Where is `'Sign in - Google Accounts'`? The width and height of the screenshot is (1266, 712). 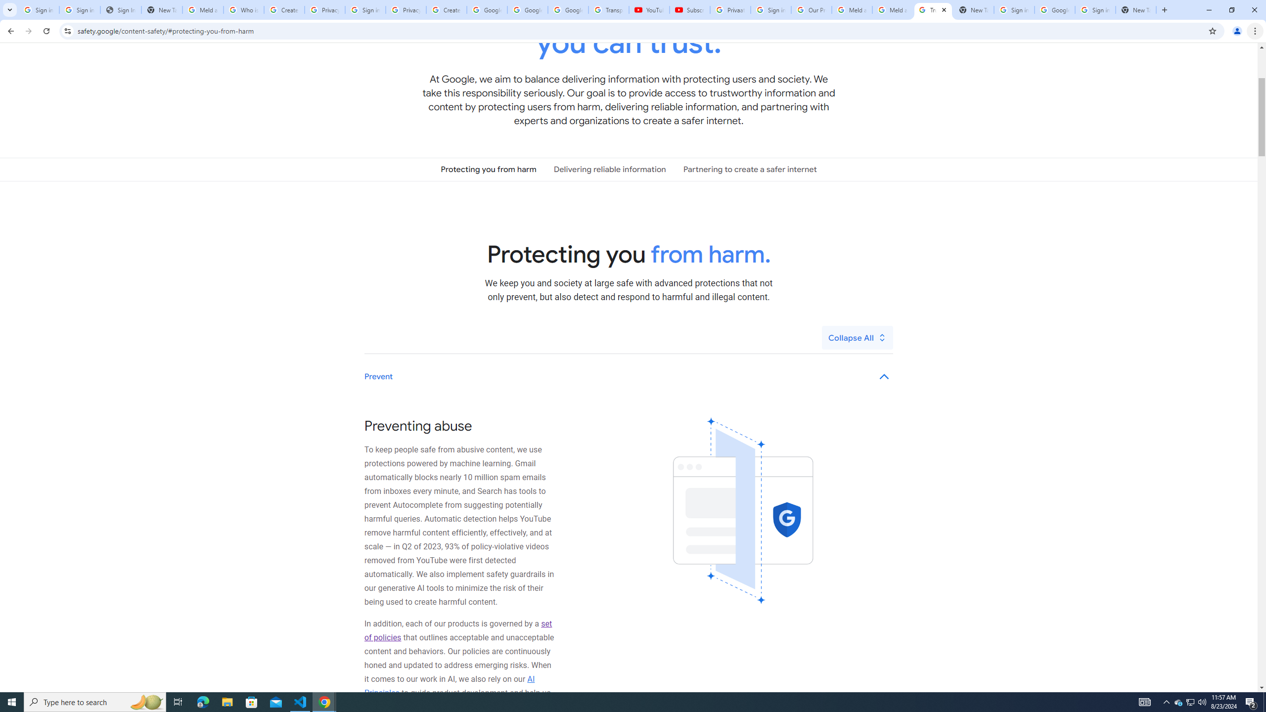
'Sign in - Google Accounts' is located at coordinates (1095, 9).